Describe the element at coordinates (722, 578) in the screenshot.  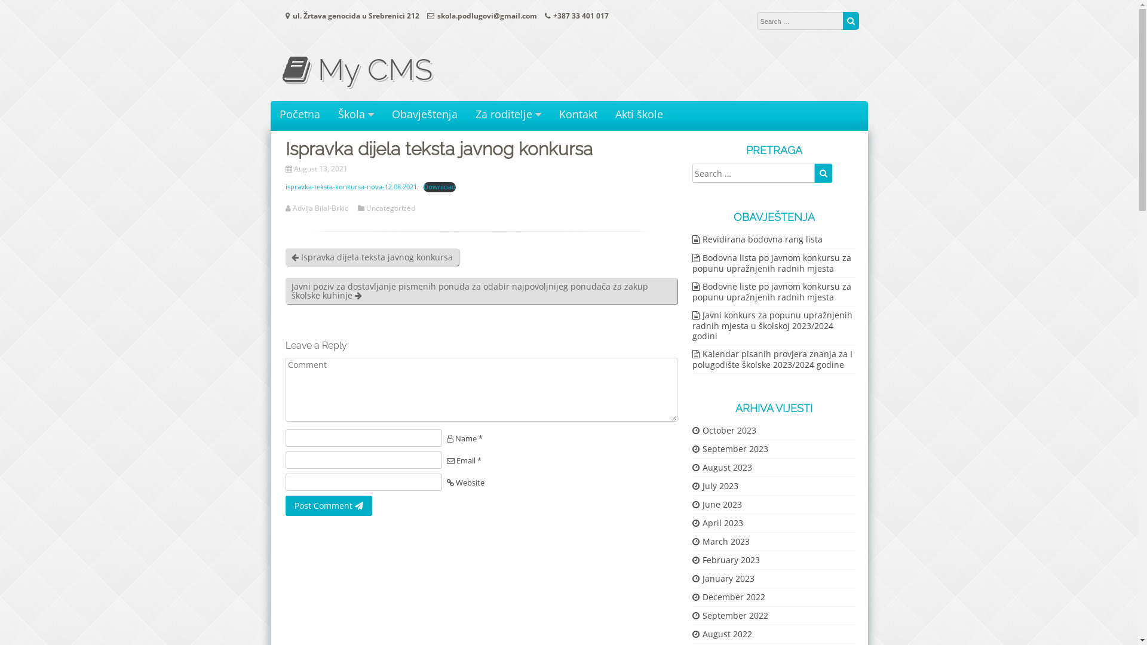
I see `'January 2023'` at that location.